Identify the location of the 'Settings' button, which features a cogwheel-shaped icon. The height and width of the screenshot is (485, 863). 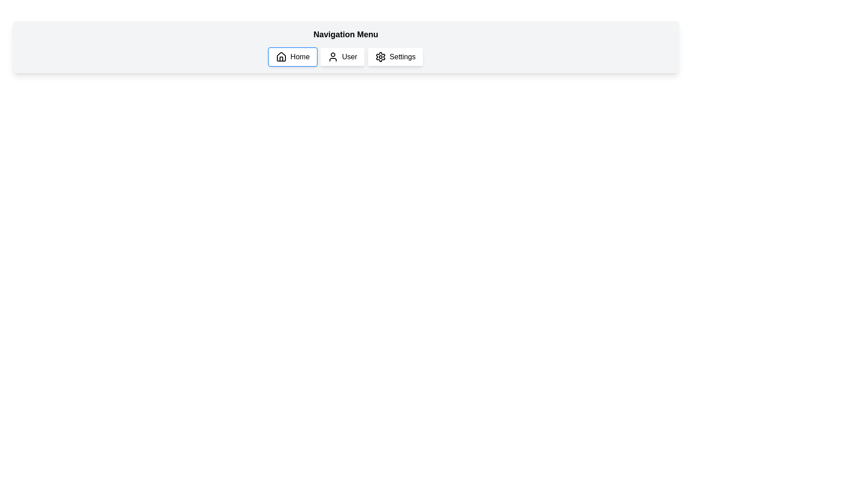
(380, 57).